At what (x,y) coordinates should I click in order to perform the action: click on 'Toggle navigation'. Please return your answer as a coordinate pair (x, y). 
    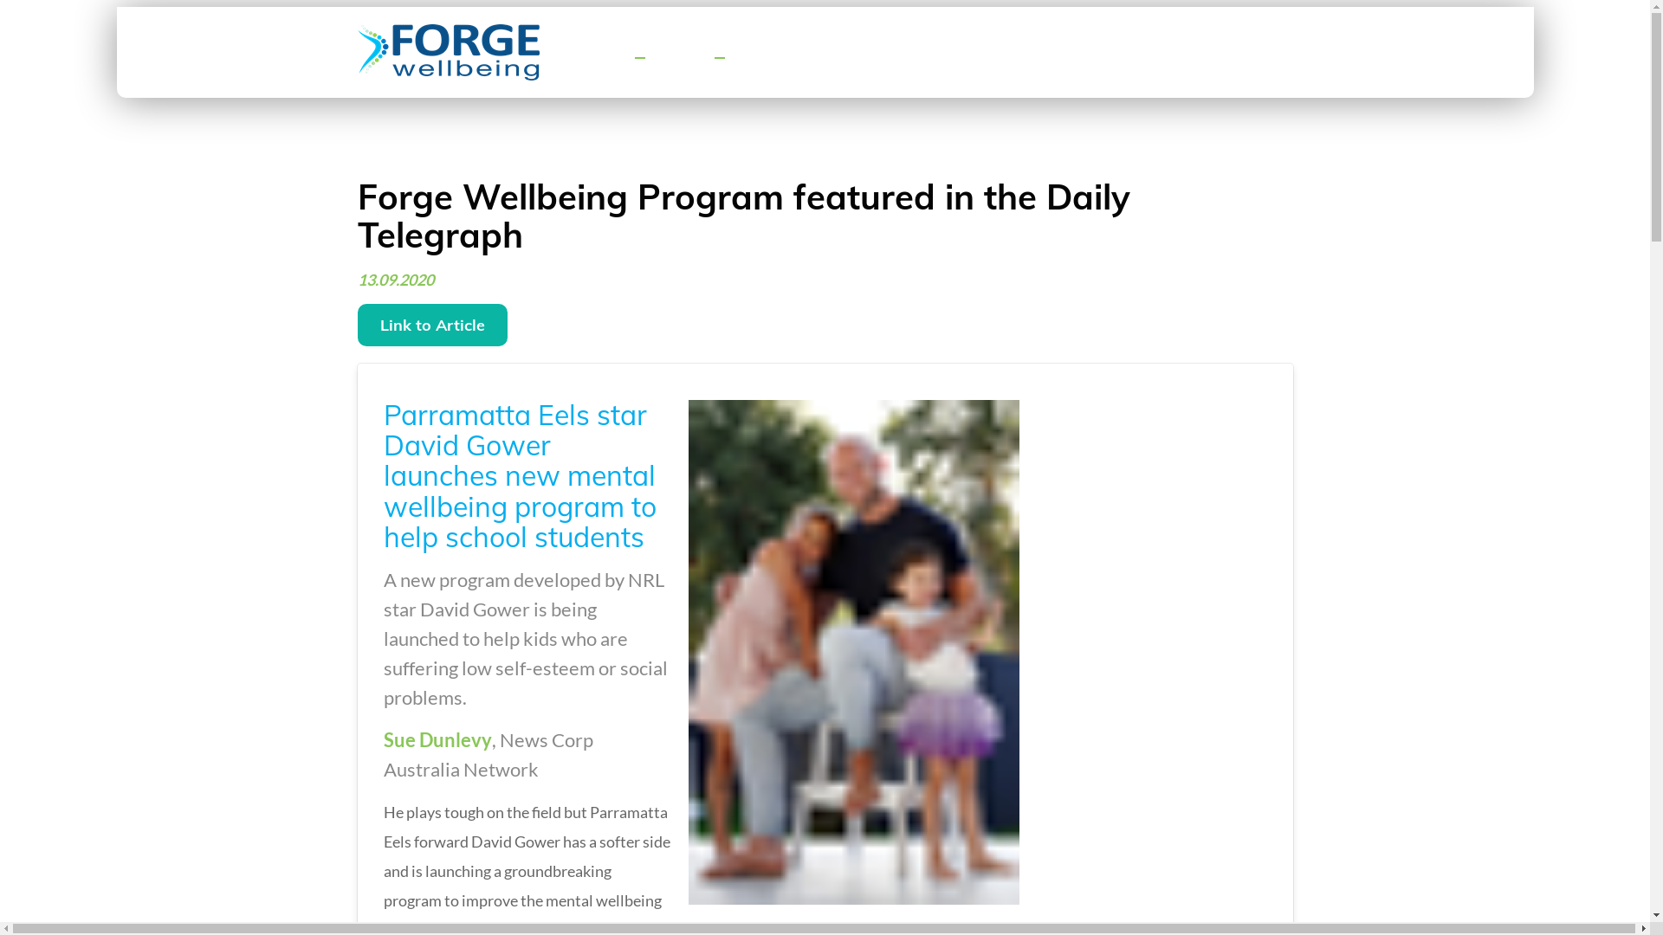
    Looking at the image, I should click on (638, 56).